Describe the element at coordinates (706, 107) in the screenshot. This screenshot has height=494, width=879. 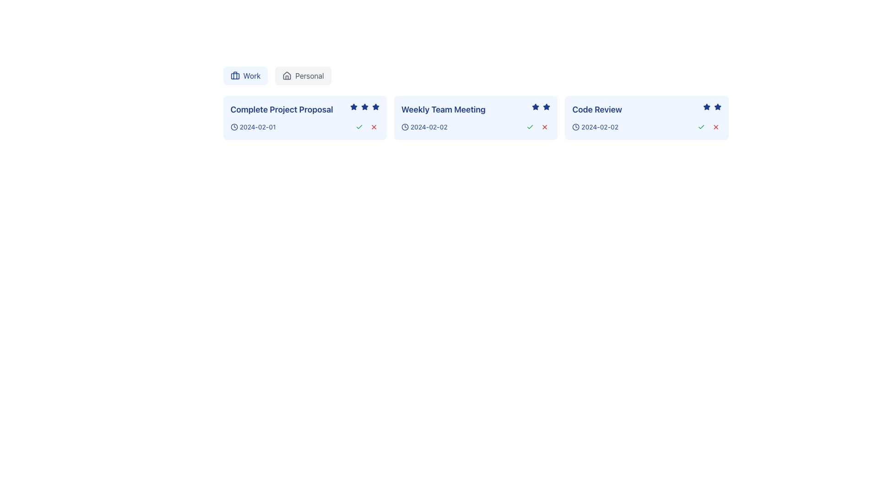
I see `the first blue star icon with rounded points` at that location.